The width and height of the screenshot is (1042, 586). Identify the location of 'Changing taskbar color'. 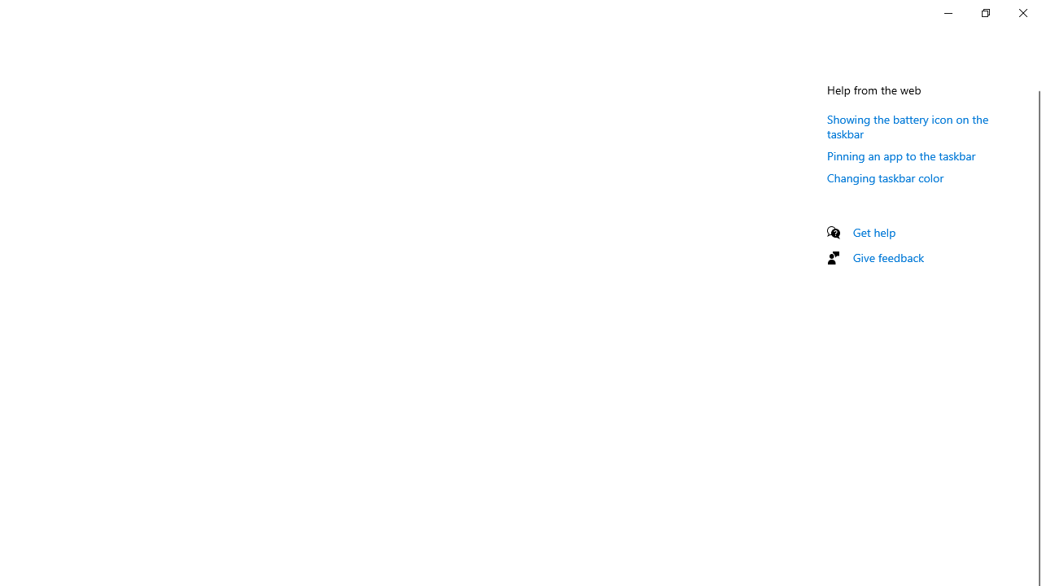
(885, 177).